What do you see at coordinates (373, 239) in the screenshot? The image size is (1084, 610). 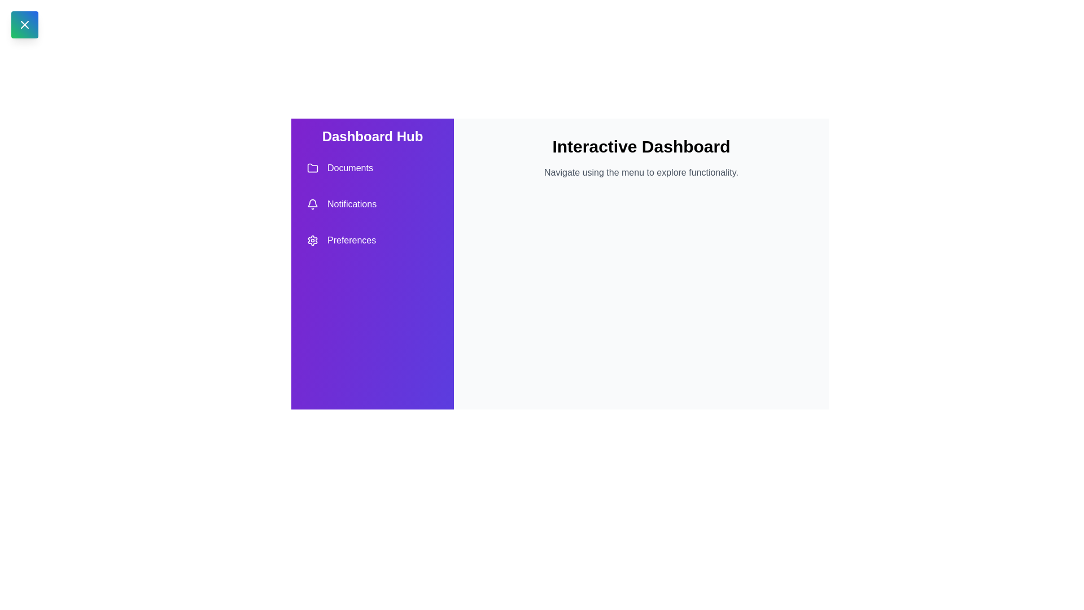 I see `the 'Preferences' menu option in the drawer` at bounding box center [373, 239].